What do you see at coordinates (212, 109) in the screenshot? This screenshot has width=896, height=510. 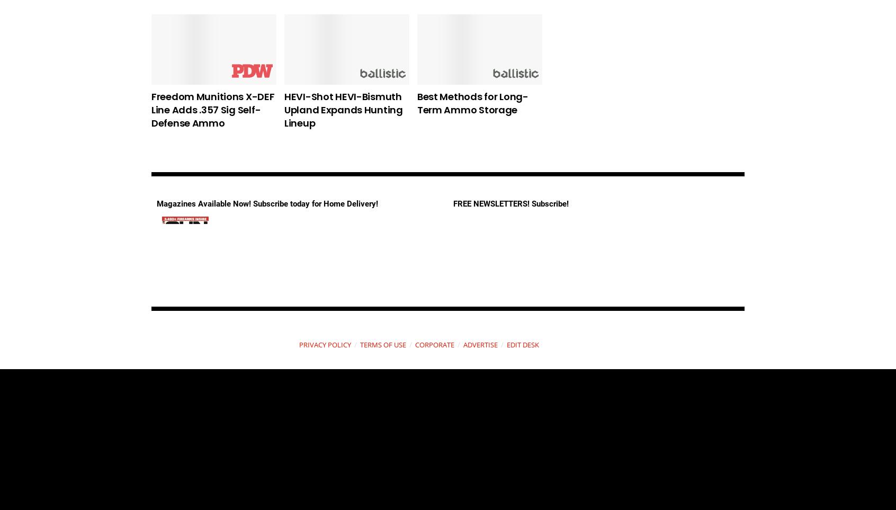 I see `'Freedom Munitions X-DEF Line Adds .357 Sig Self-Defense Ammo'` at bounding box center [212, 109].